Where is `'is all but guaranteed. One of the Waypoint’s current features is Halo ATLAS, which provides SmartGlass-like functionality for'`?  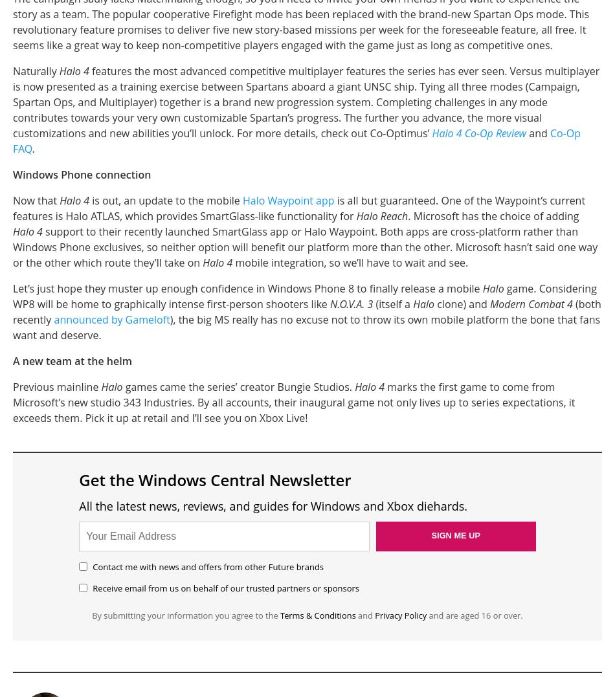 'is all but guaranteed. One of the Waypoint’s current features is Halo ATLAS, which provides SmartGlass-like functionality for' is located at coordinates (298, 208).